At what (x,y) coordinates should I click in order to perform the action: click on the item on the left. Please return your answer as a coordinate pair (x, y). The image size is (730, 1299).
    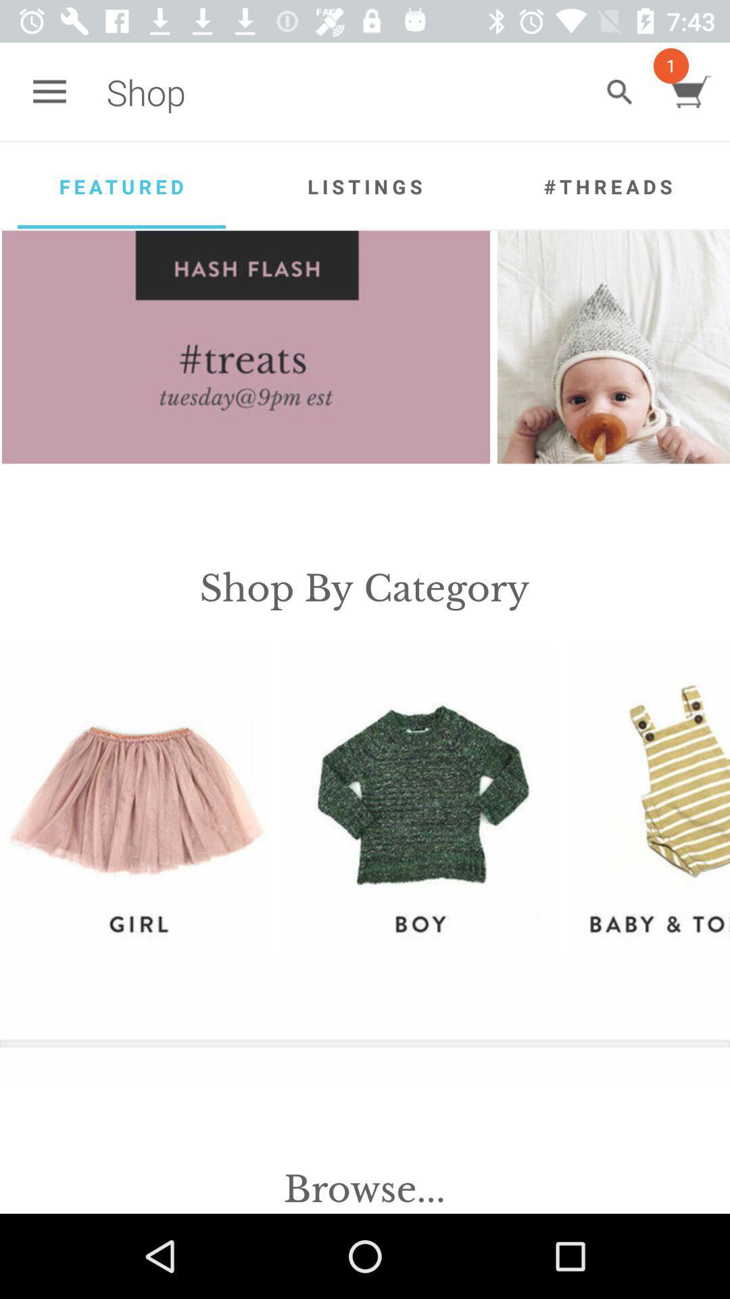
    Looking at the image, I should click on (137, 802).